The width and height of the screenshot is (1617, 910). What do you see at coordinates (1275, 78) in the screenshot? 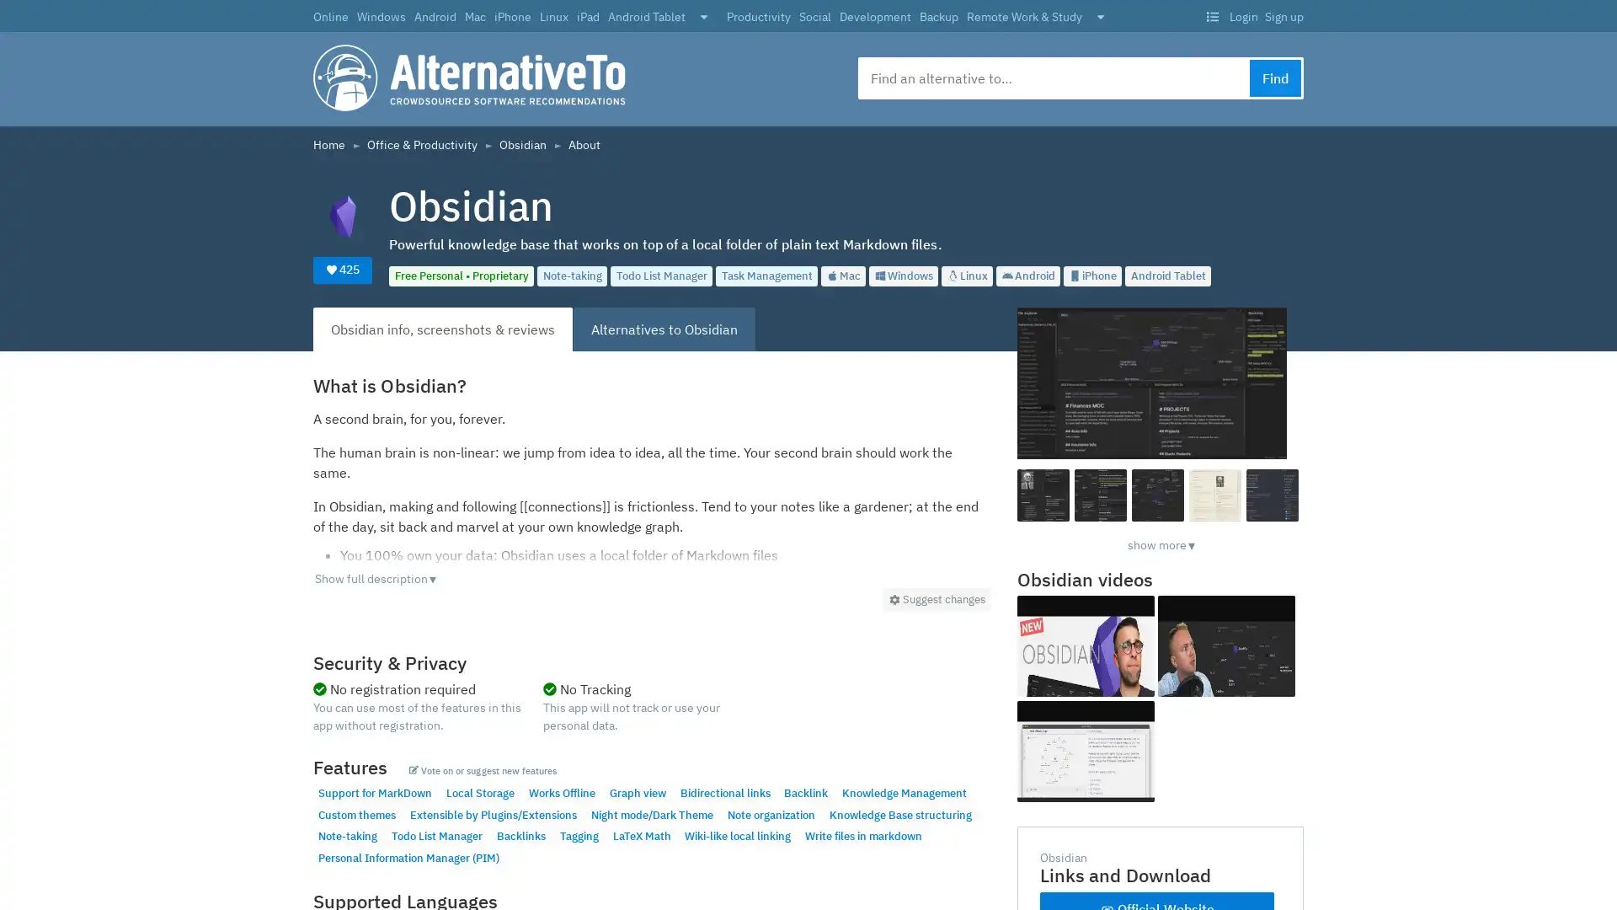
I see `Find` at bounding box center [1275, 78].